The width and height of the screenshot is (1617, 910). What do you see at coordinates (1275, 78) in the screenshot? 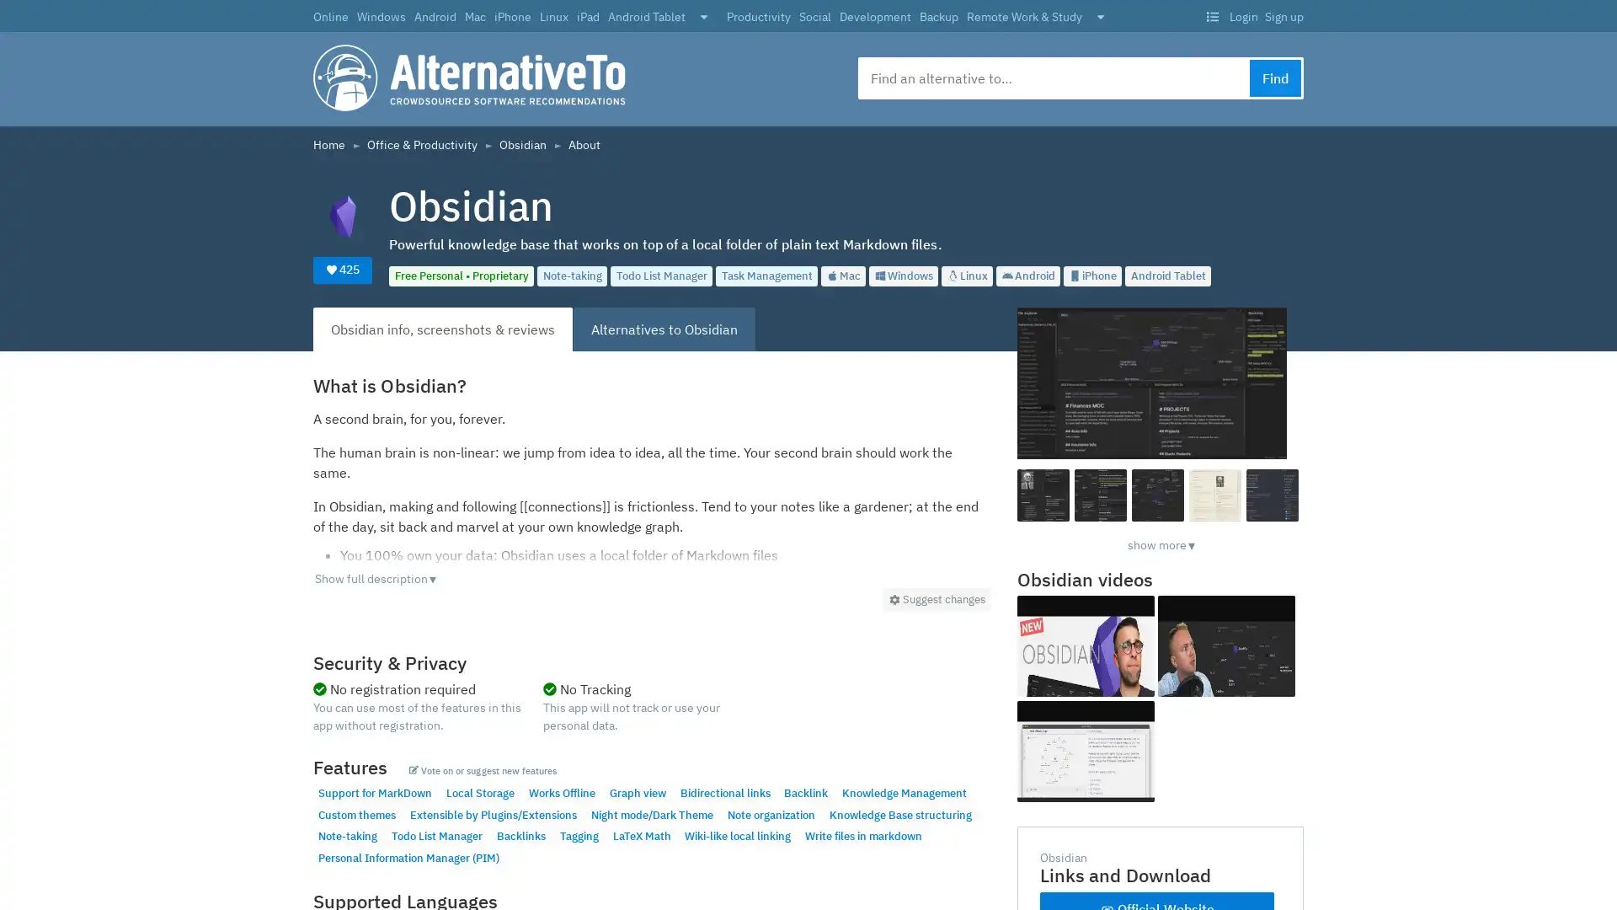
I see `Find` at bounding box center [1275, 78].